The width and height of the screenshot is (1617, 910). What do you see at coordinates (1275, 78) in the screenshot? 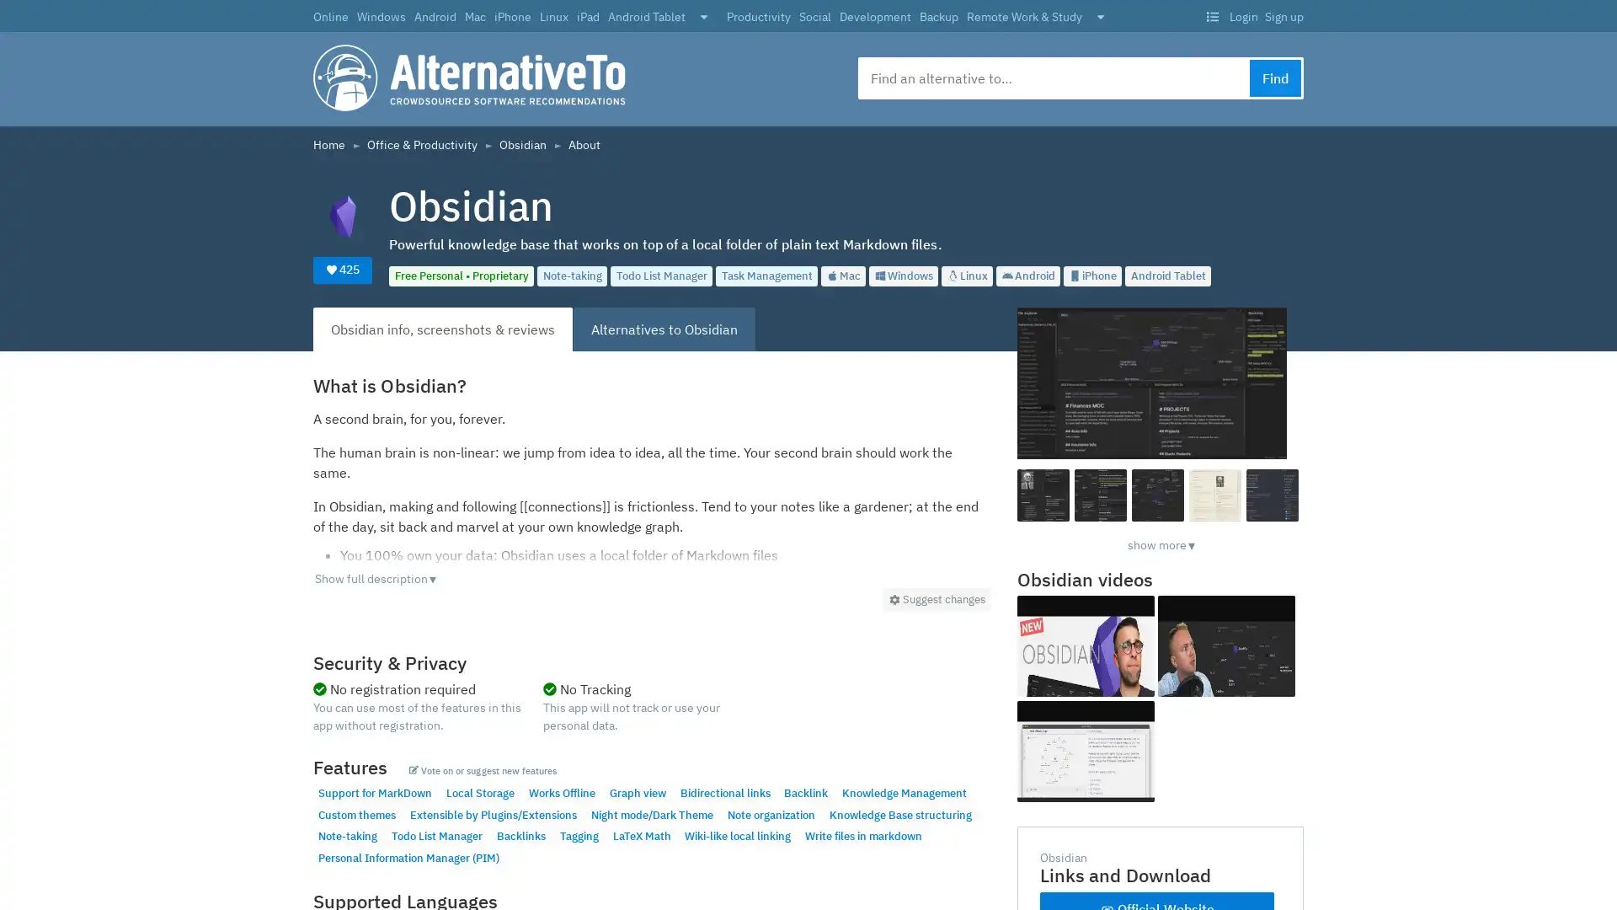
I see `Find` at bounding box center [1275, 78].